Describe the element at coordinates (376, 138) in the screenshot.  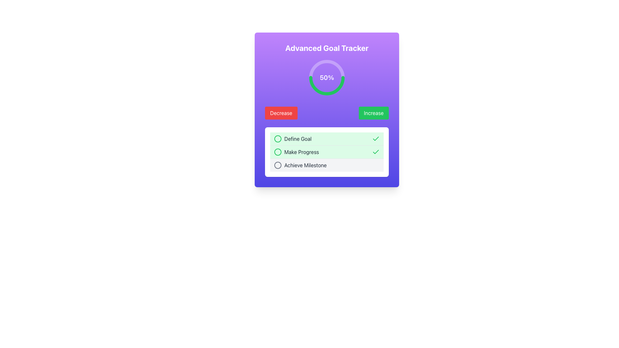
I see `the green check mark icon located to the right of the 'Make Progress' text, which is associated with the second item in the list` at that location.